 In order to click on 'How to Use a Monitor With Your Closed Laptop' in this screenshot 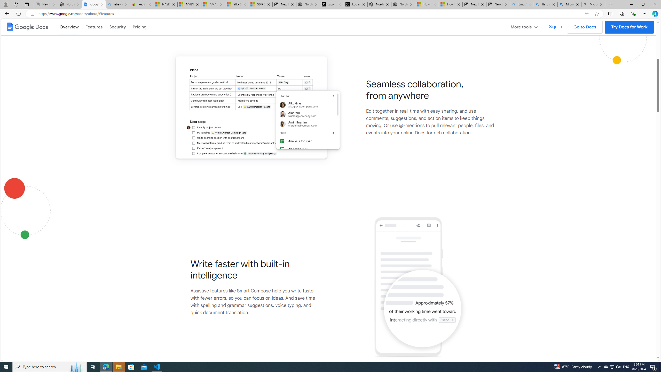, I will do `click(450, 4)`.